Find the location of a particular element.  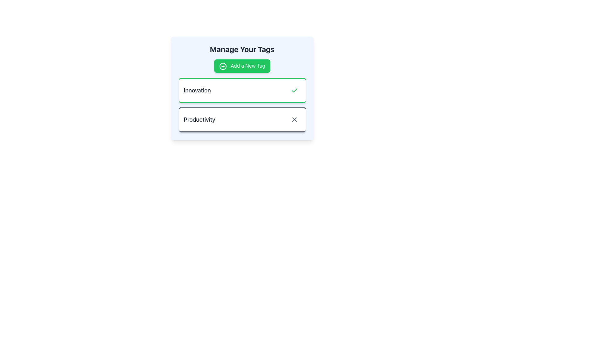

the first selectable list item with a green checkmark, located below the 'Add a New Tag' button and above the 'Productivity' item is located at coordinates (242, 88).